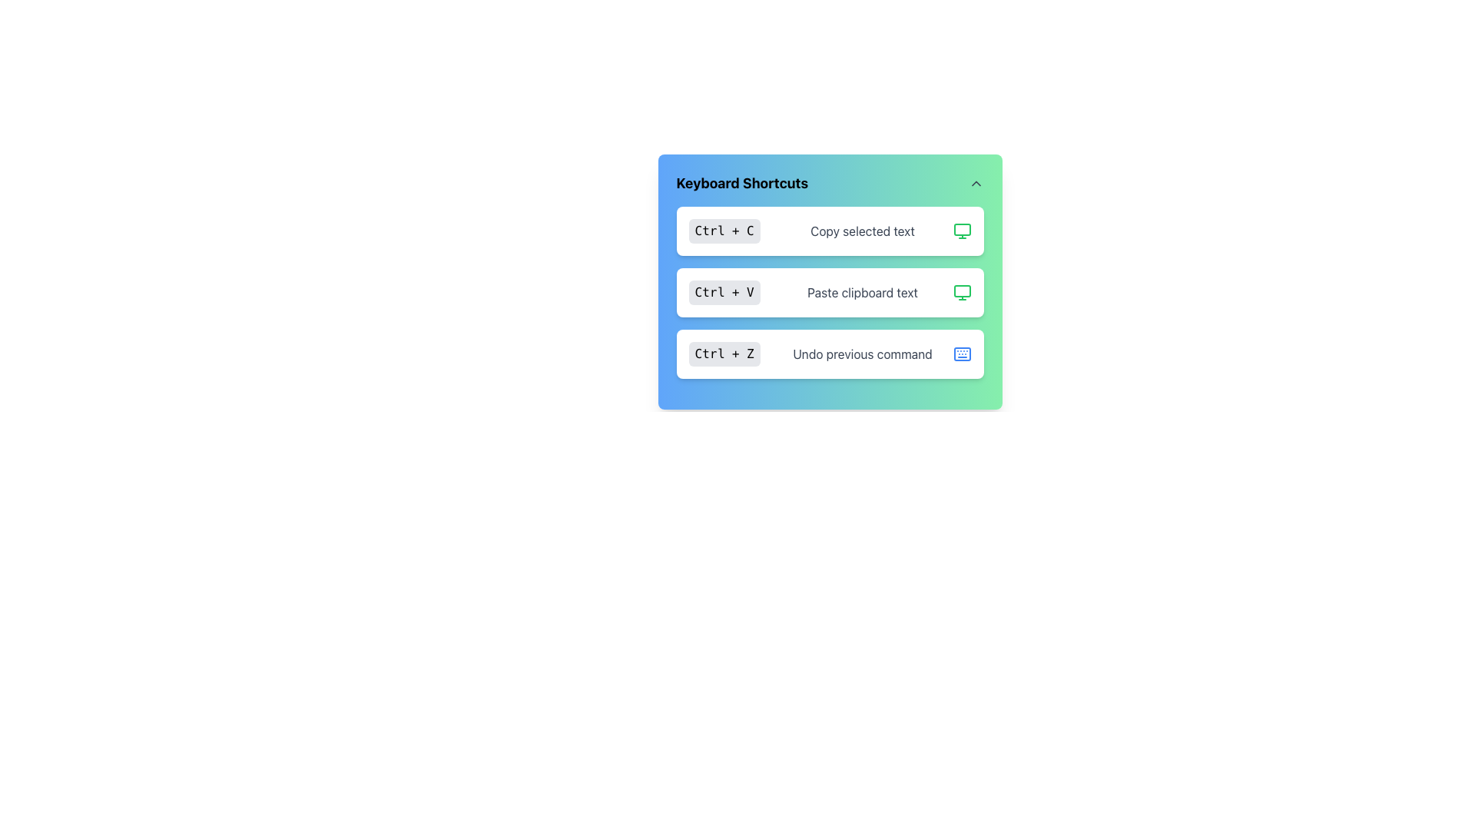 This screenshot has width=1475, height=830. Describe the element at coordinates (829, 231) in the screenshot. I see `the first item in the vertical list of keyboard shortcuts, which includes a grey label with 'Ctrl + C', a description 'Copy selected text', and a green monitor icon` at that location.